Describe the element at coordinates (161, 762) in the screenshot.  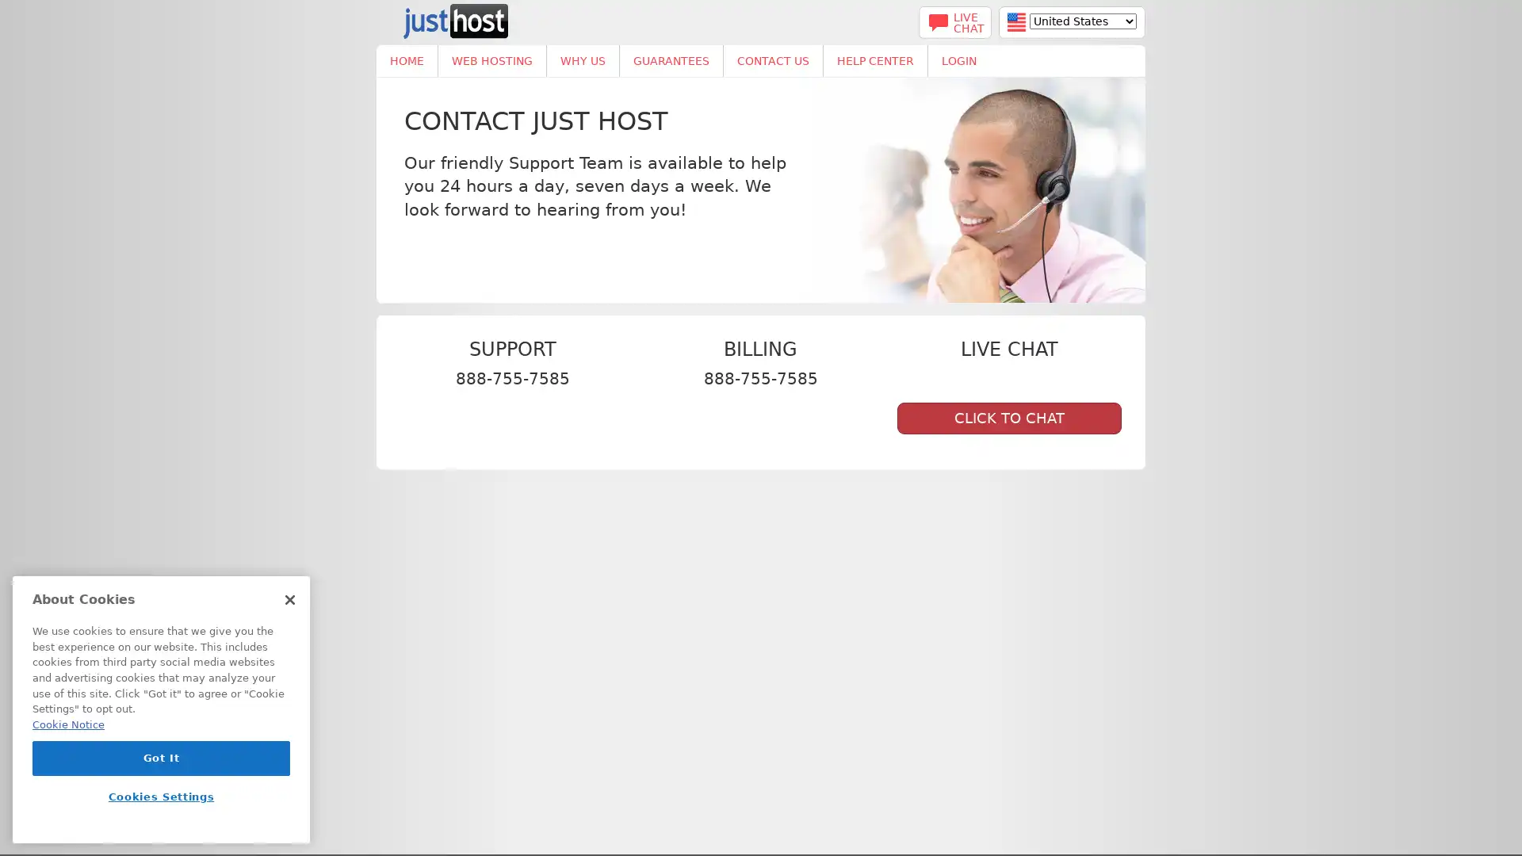
I see `Got It` at that location.